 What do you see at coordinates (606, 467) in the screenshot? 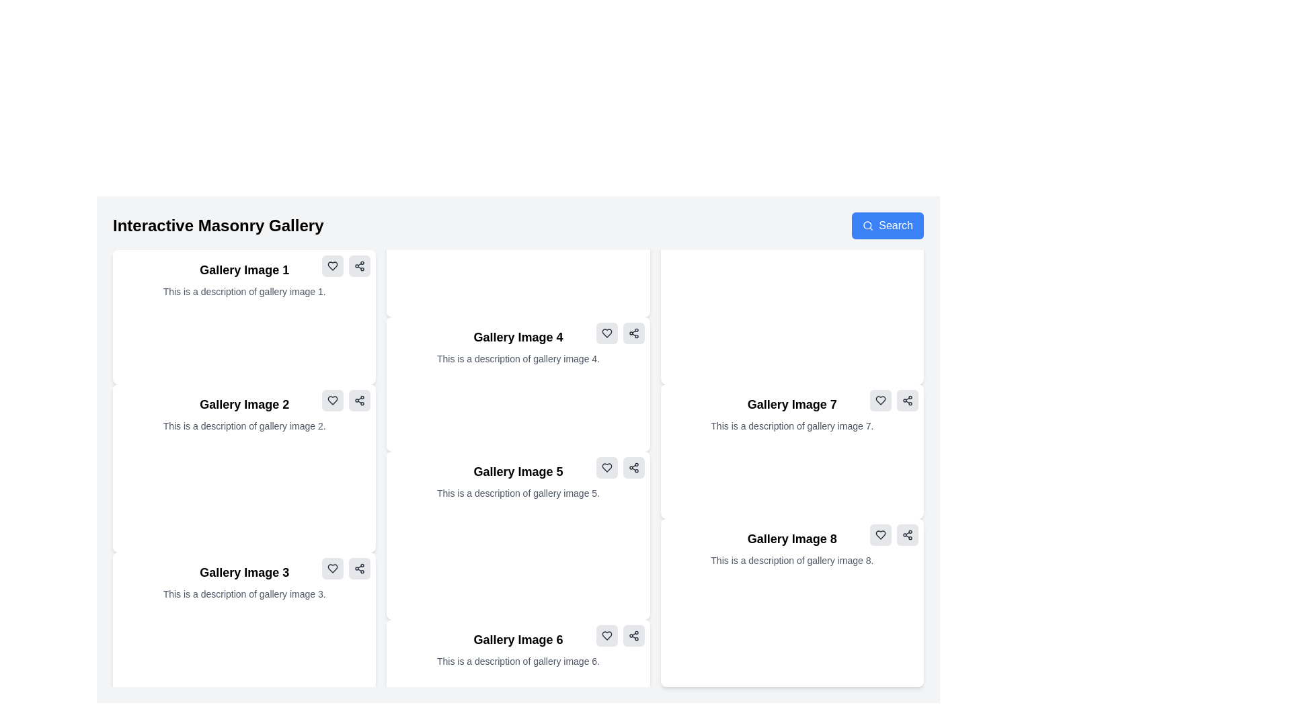
I see `the heart-shaped icon outlined in black located in the top-right corner of the card for 'Gallery Image 5'` at bounding box center [606, 467].